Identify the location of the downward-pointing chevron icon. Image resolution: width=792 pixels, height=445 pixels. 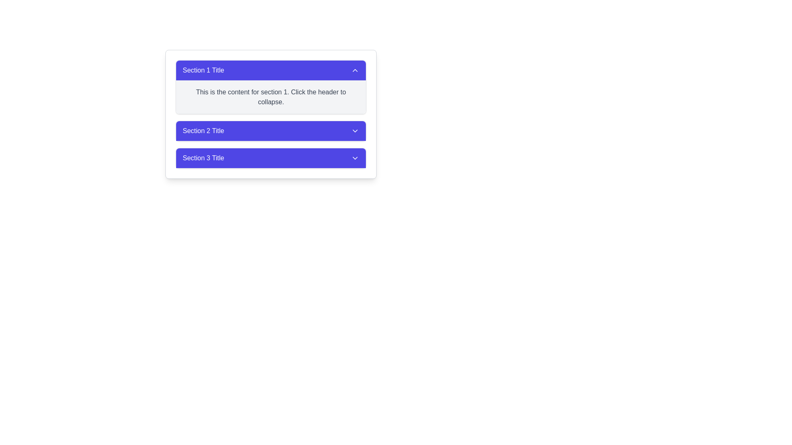
(355, 158).